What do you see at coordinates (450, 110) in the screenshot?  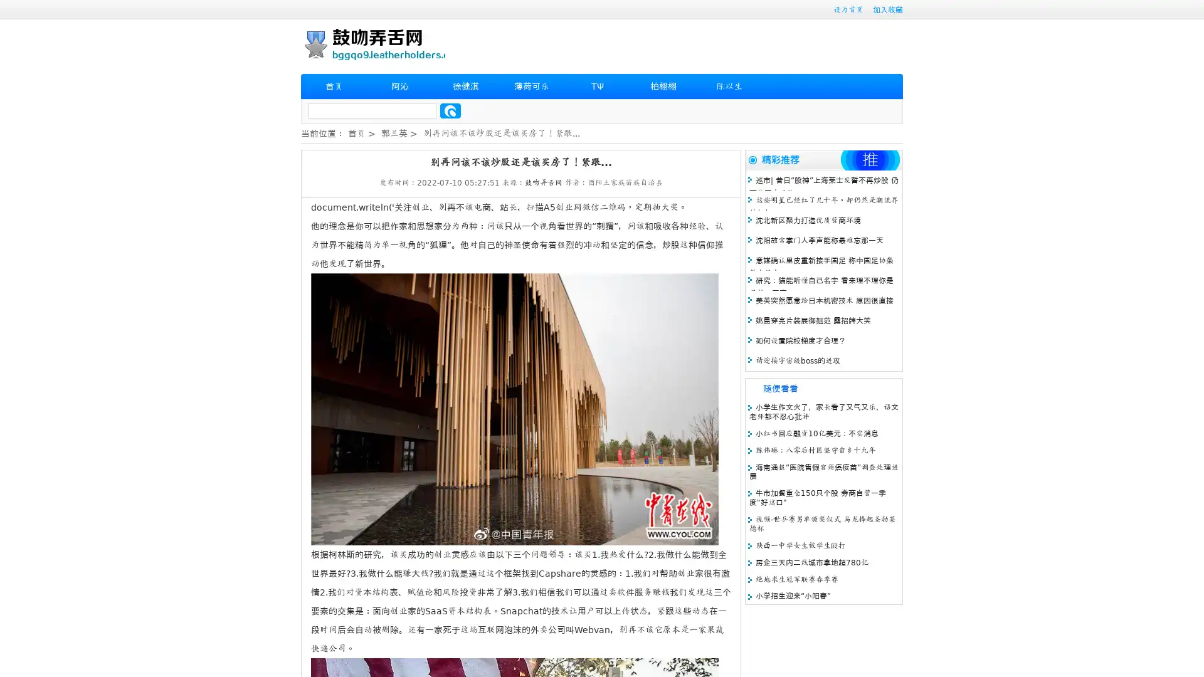 I see `Search` at bounding box center [450, 110].